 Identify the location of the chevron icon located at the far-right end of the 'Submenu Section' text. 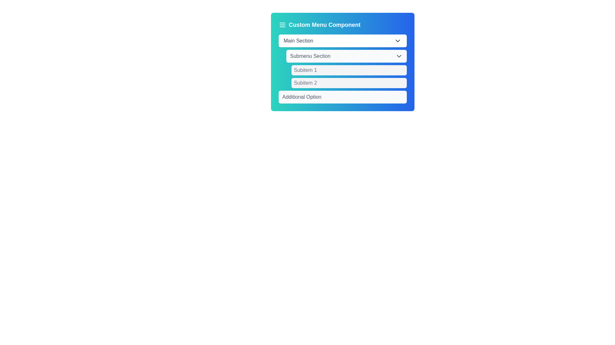
(398, 56).